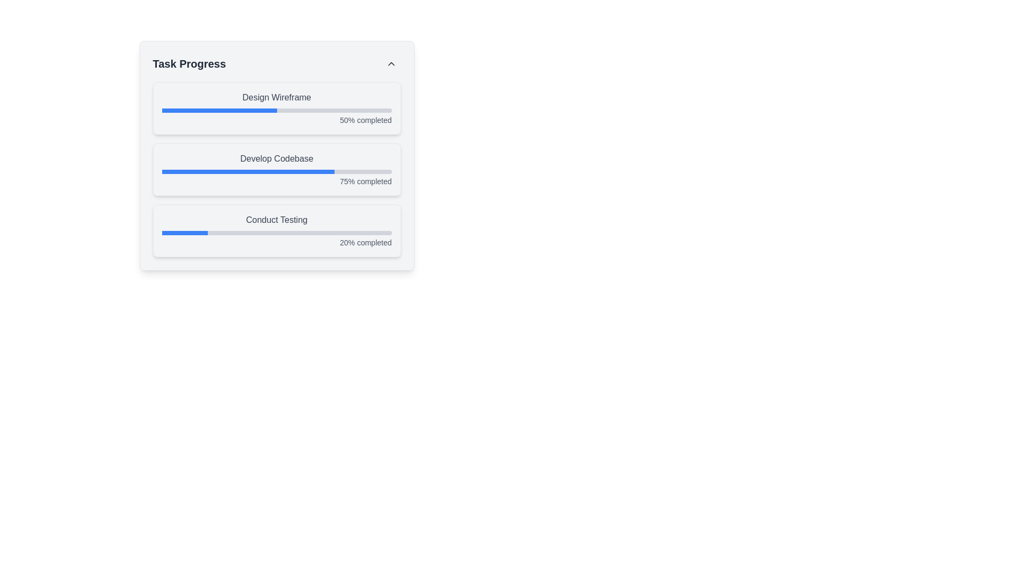 The width and height of the screenshot is (1031, 580). I want to click on the first progress bar in the vertical list that indicates 50% completion of the 'Design Wireframe' task, so click(219, 110).